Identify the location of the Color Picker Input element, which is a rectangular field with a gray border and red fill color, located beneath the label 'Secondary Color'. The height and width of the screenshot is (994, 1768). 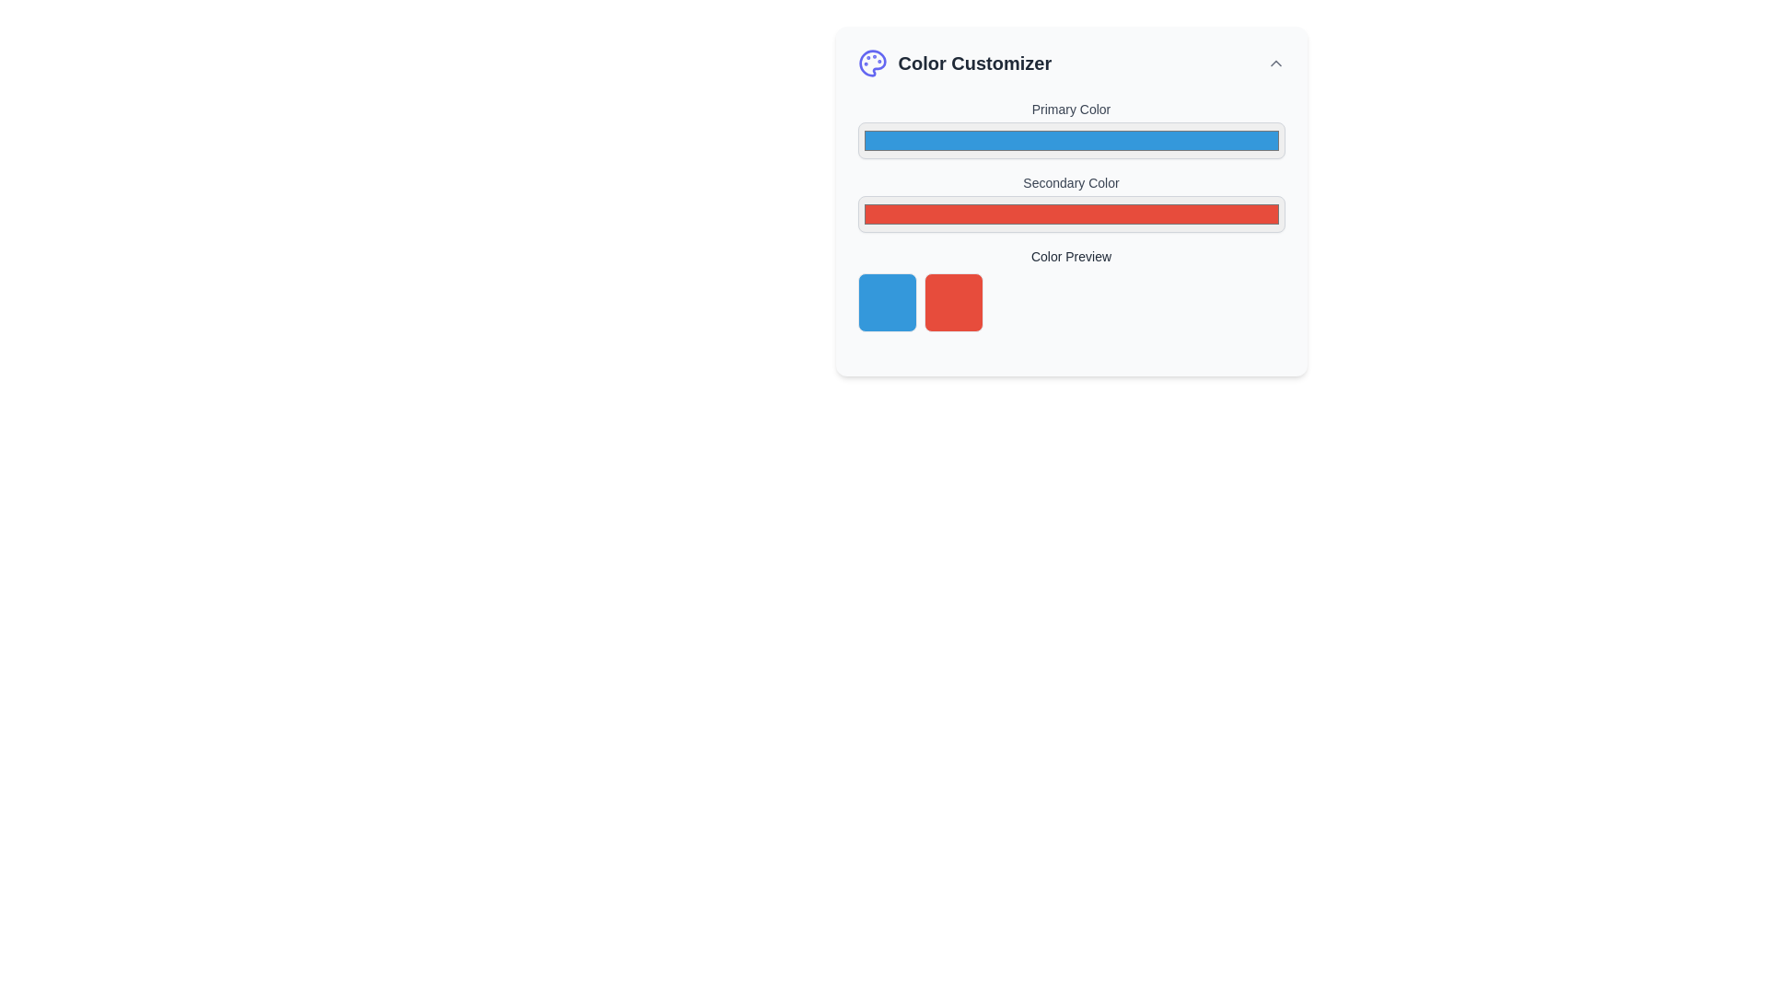
(1071, 213).